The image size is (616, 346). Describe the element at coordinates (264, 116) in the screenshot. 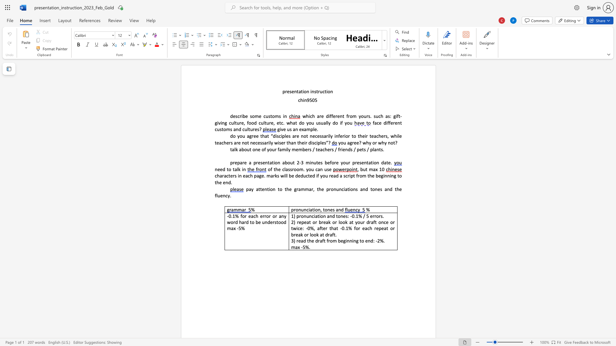

I see `the 2th character "c" in the text` at that location.